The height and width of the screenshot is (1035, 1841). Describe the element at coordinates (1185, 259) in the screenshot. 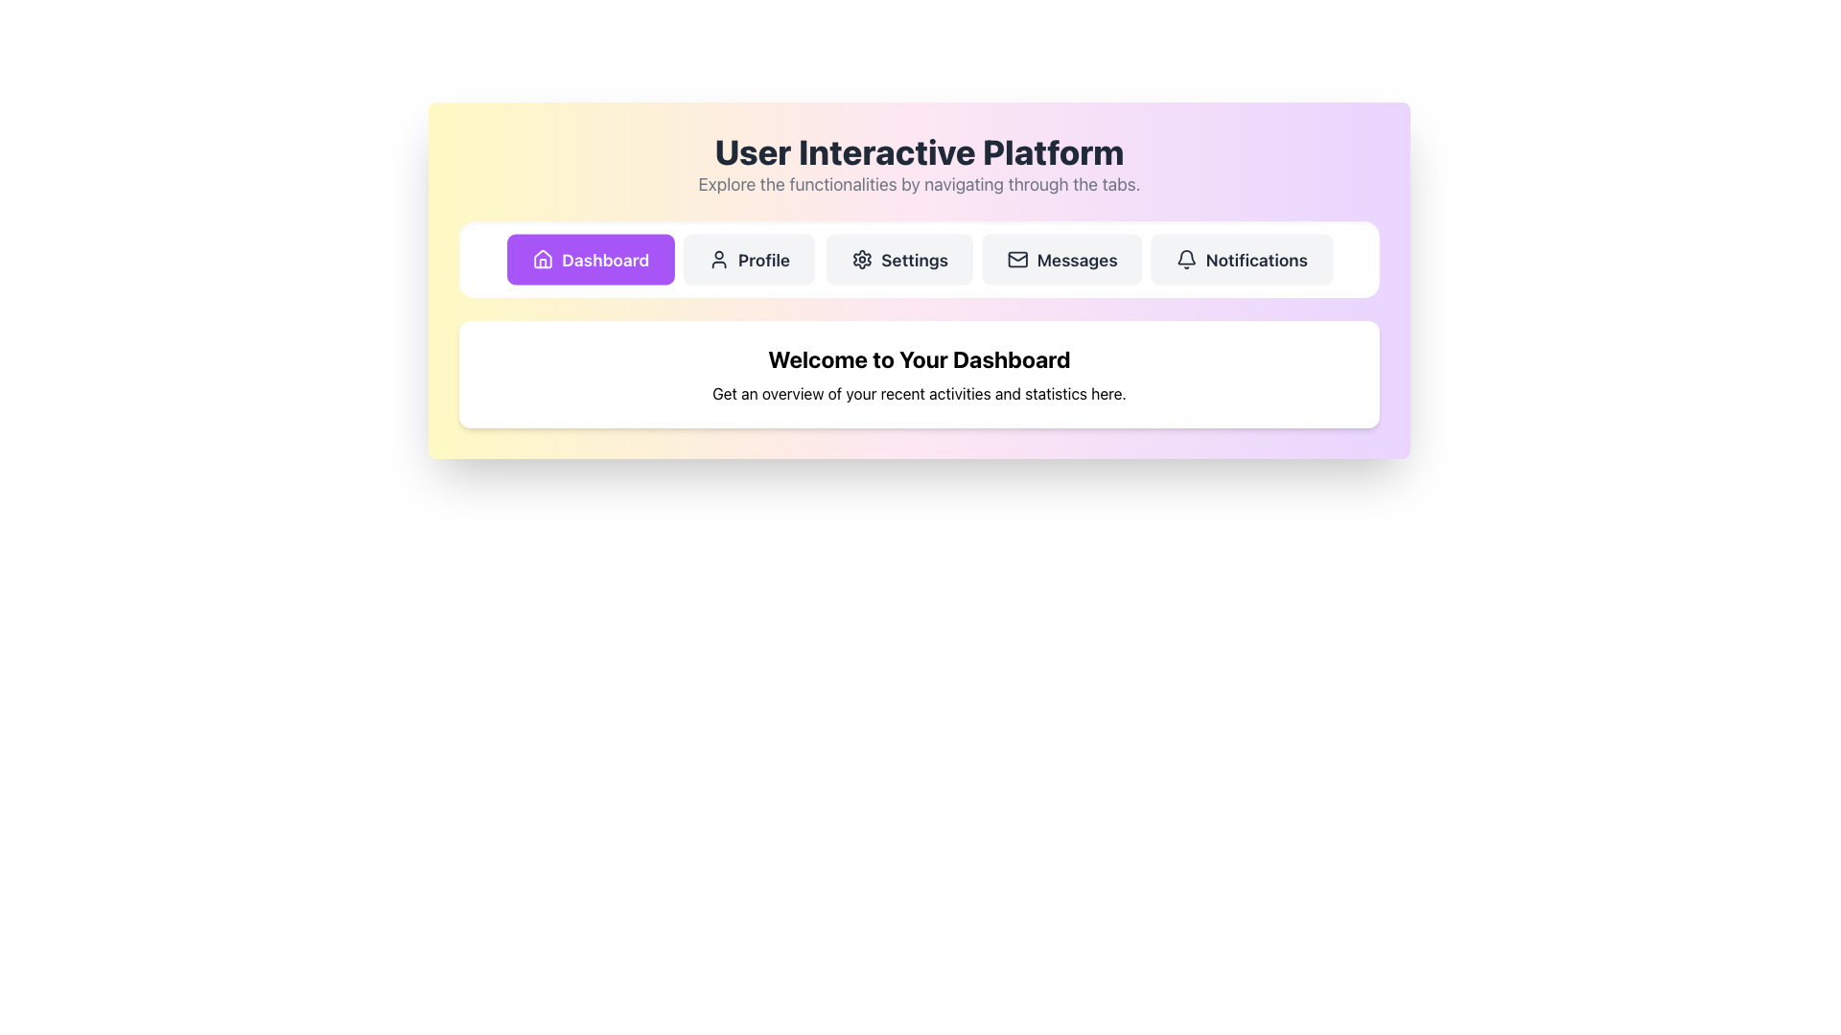

I see `the small bell-shaped icon styled with a modern minimalist design, outlined in dark gray, located in the 'Notifications' button at the far right of the row of navigational buttons` at that location.